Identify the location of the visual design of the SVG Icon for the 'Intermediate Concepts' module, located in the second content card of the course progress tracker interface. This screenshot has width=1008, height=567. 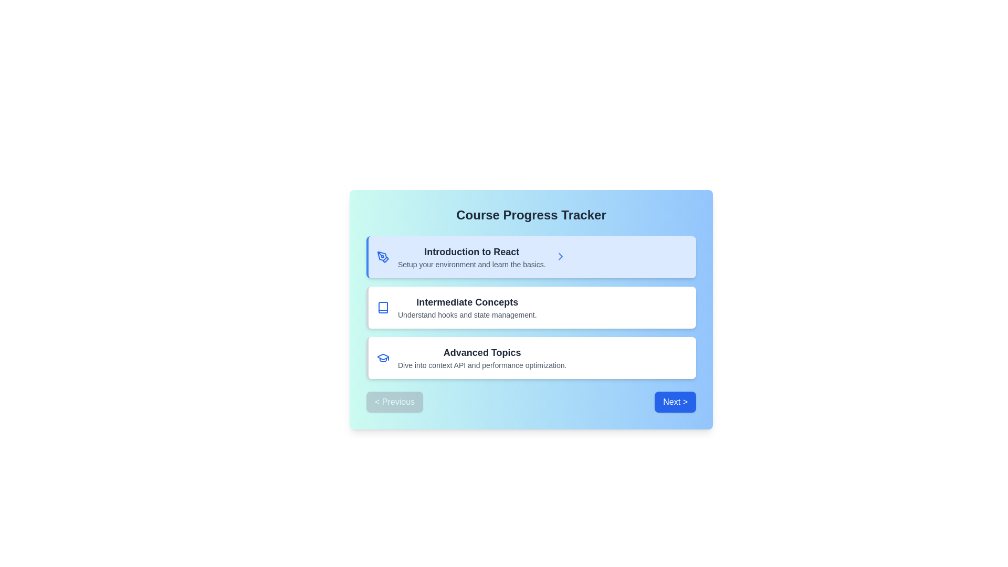
(382, 307).